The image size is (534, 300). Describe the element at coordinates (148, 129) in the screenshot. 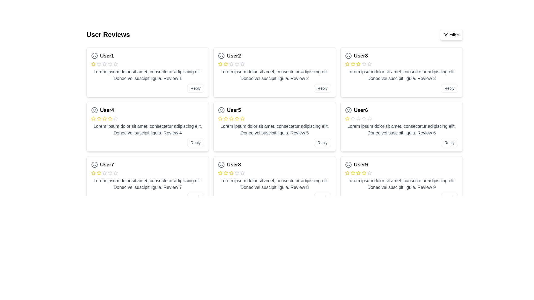

I see `the static text block displaying the review content posted by 'User4', which is located below the star rating and above the 'Reply' button` at that location.